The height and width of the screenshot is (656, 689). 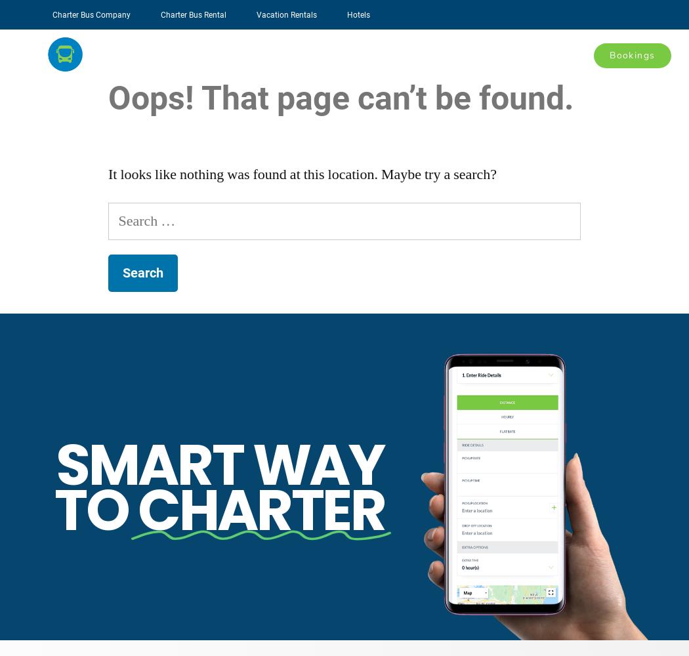 I want to click on 'Vacation Rentals', so click(x=286, y=14).